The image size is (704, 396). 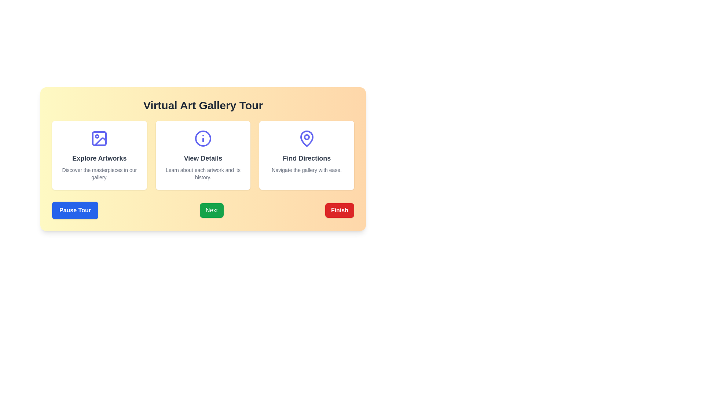 What do you see at coordinates (203, 174) in the screenshot?
I see `the text element displaying 'Learn about each artwork and its history.' which is located below the 'View Details' heading in the central card` at bounding box center [203, 174].